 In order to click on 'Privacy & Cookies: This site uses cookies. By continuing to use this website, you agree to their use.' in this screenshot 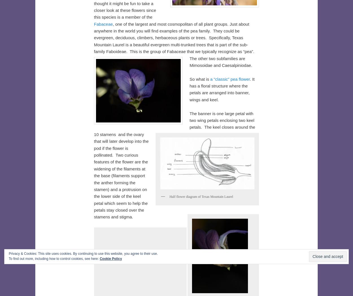, I will do `click(83, 253)`.